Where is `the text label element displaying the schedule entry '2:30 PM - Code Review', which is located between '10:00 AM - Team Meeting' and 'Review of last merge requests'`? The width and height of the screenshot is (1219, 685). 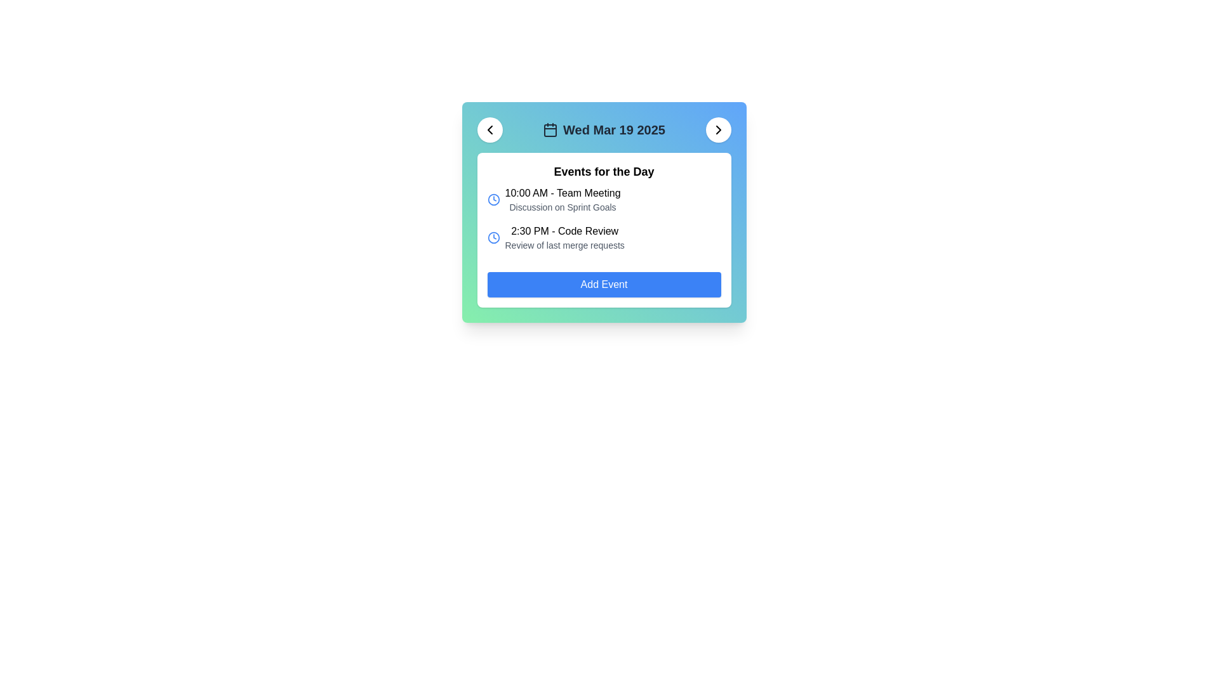 the text label element displaying the schedule entry '2:30 PM - Code Review', which is located between '10:00 AM - Team Meeting' and 'Review of last merge requests' is located at coordinates (564, 232).